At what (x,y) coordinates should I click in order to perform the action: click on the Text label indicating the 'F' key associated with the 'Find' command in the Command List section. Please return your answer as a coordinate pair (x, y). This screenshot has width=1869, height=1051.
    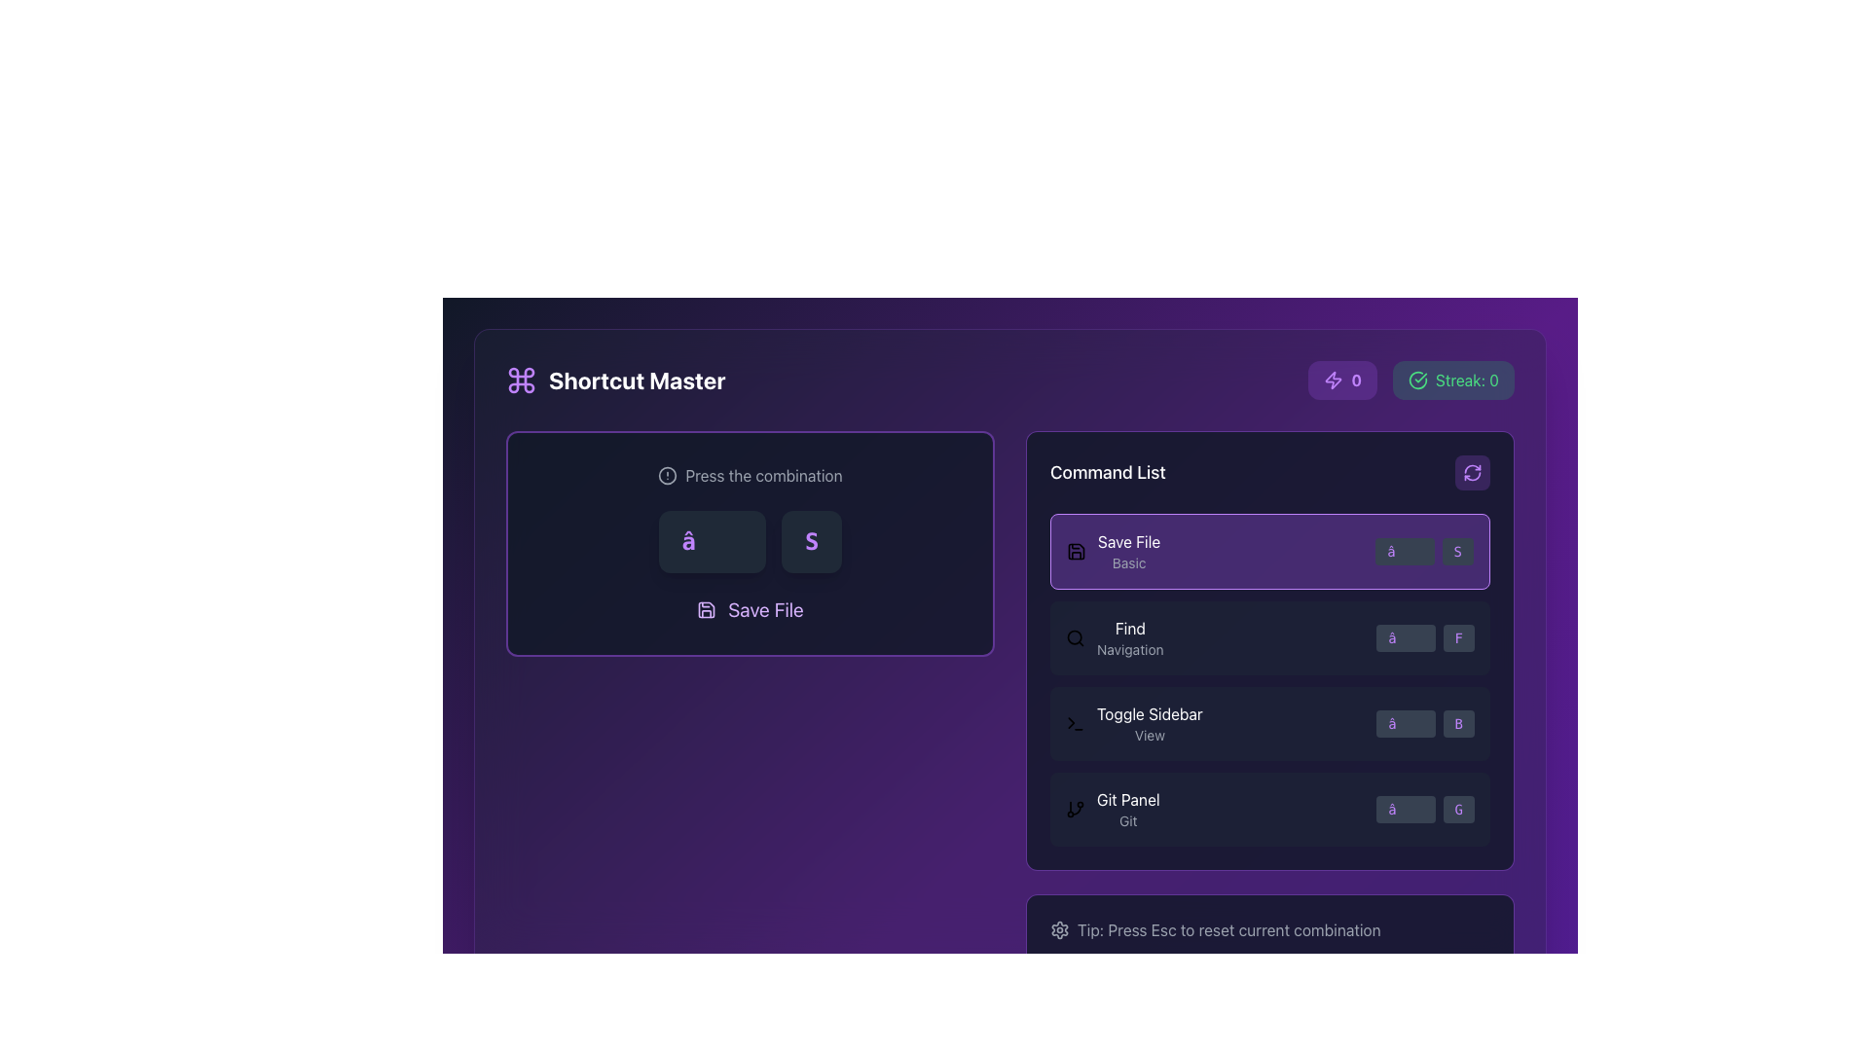
    Looking at the image, I should click on (1458, 637).